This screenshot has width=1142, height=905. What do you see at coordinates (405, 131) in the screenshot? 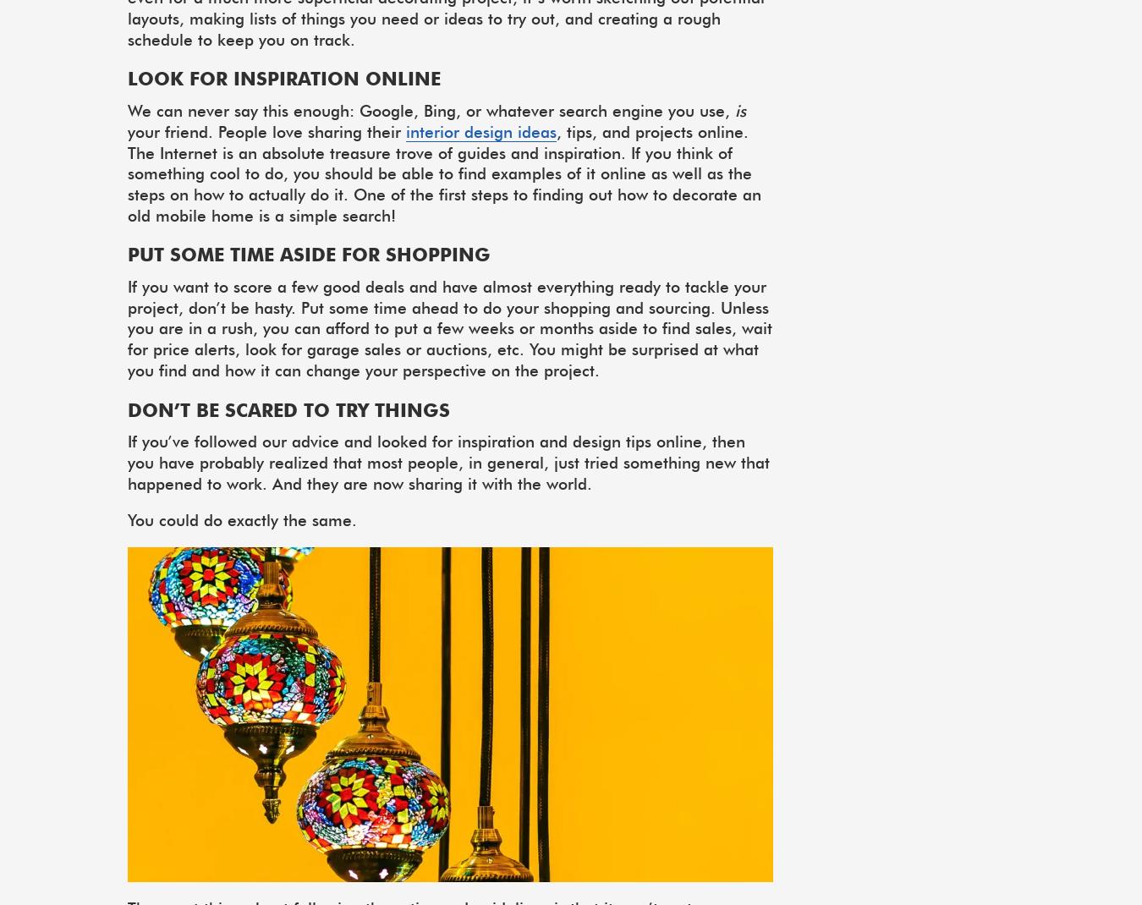
I see `'interior design ideas'` at bounding box center [405, 131].